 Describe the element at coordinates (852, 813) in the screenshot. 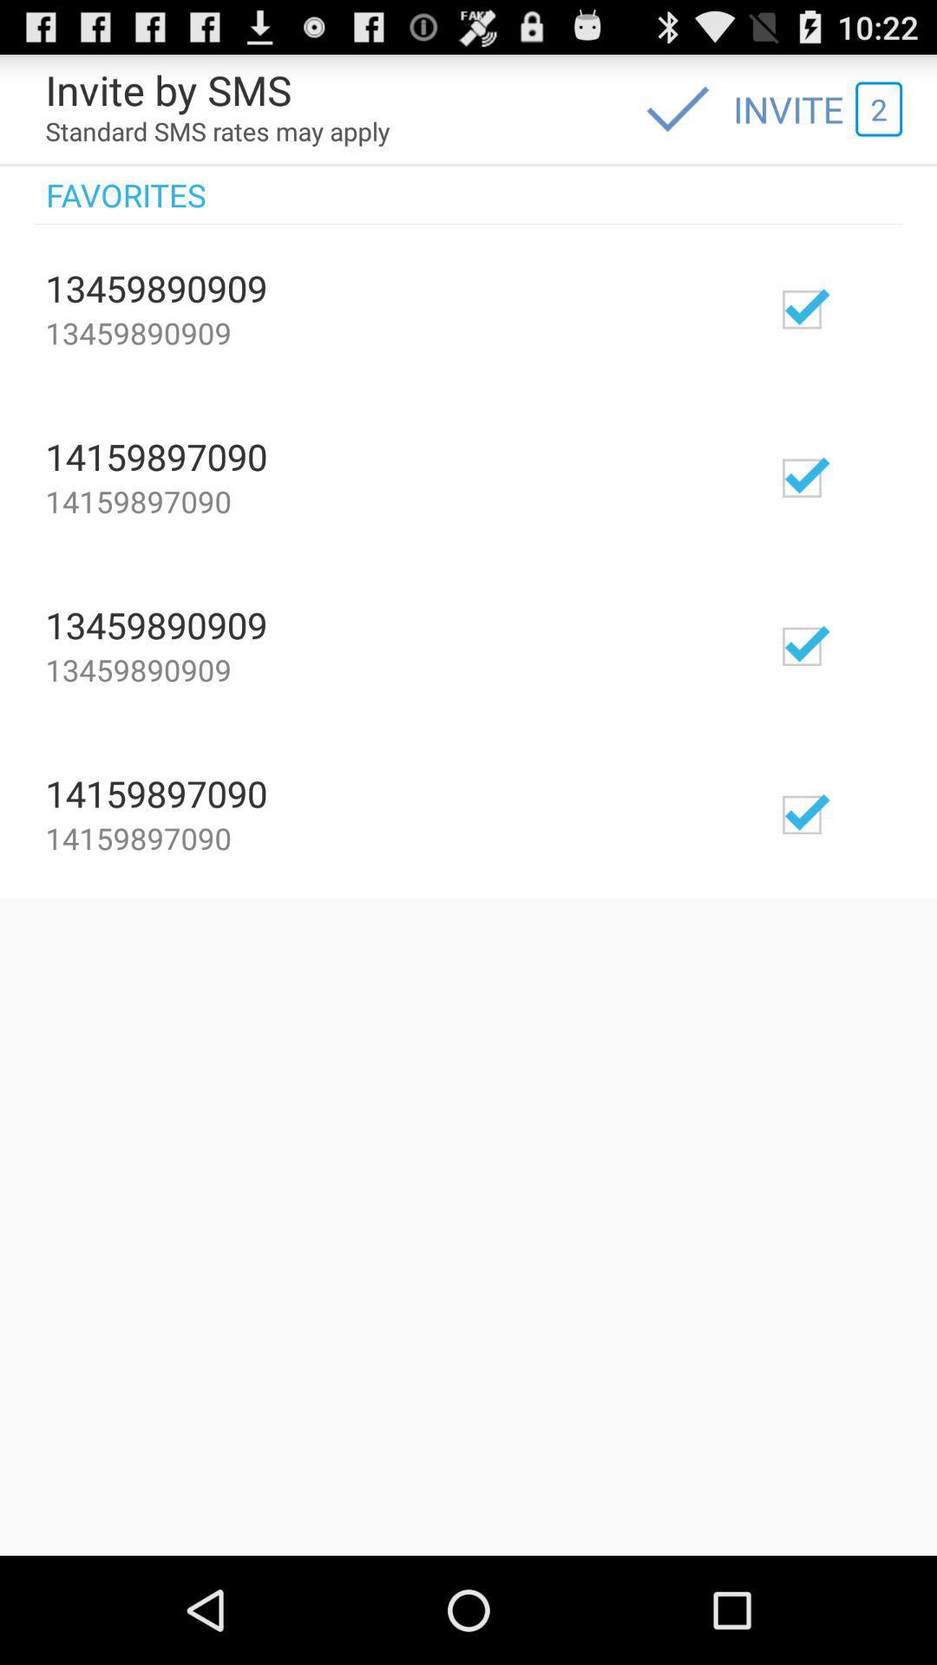

I see `check/uncheck` at that location.